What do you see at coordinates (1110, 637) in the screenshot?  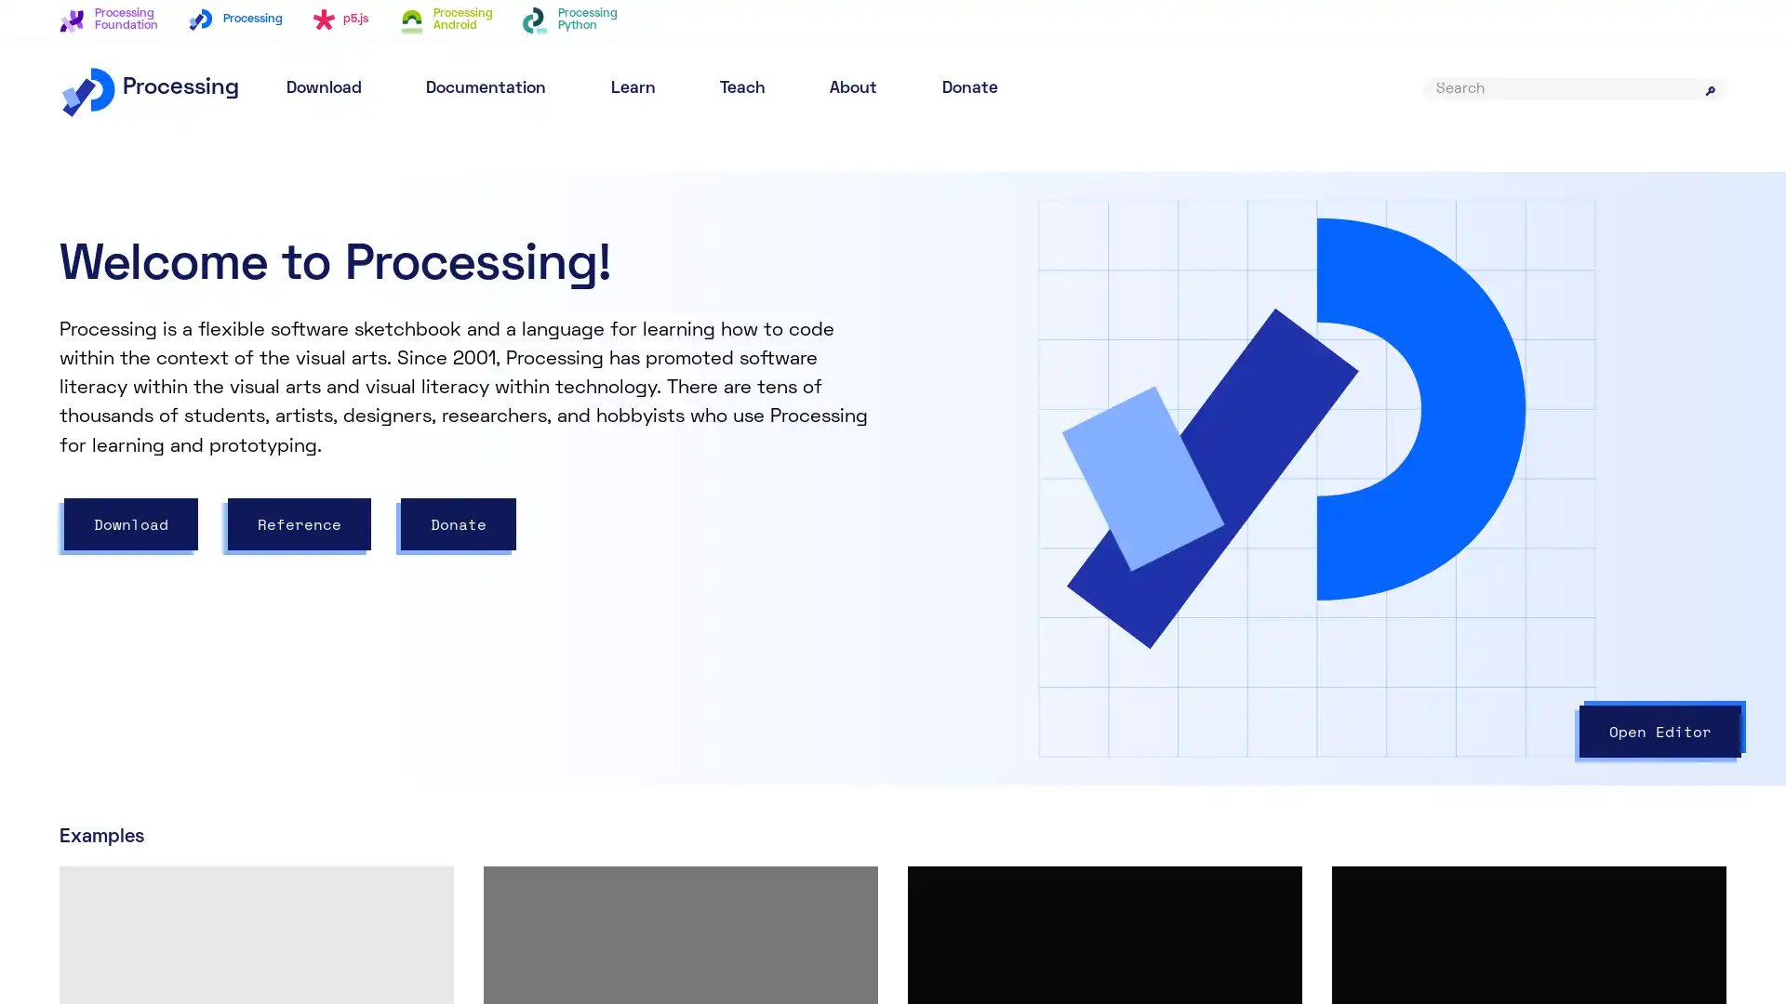 I see `change position` at bounding box center [1110, 637].